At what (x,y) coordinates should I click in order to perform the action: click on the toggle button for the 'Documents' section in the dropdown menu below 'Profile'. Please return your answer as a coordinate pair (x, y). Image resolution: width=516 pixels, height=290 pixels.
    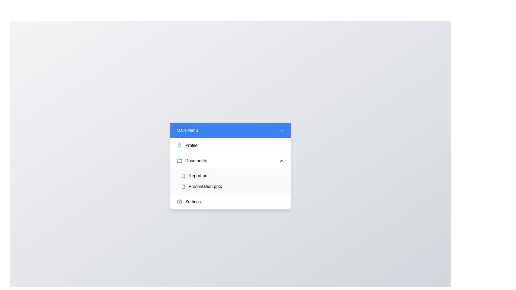
    Looking at the image, I should click on (230, 160).